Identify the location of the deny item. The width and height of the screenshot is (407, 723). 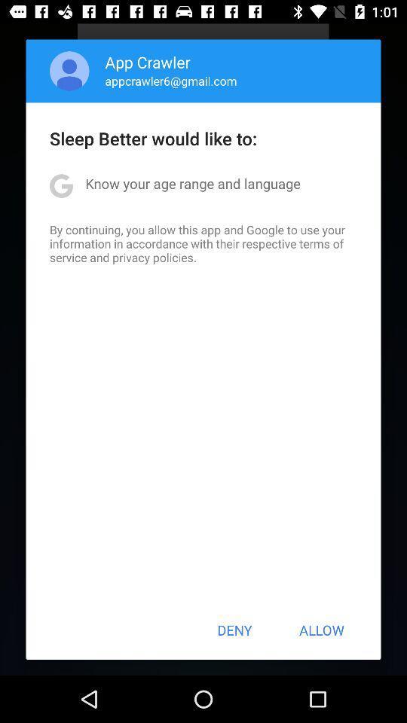
(234, 630).